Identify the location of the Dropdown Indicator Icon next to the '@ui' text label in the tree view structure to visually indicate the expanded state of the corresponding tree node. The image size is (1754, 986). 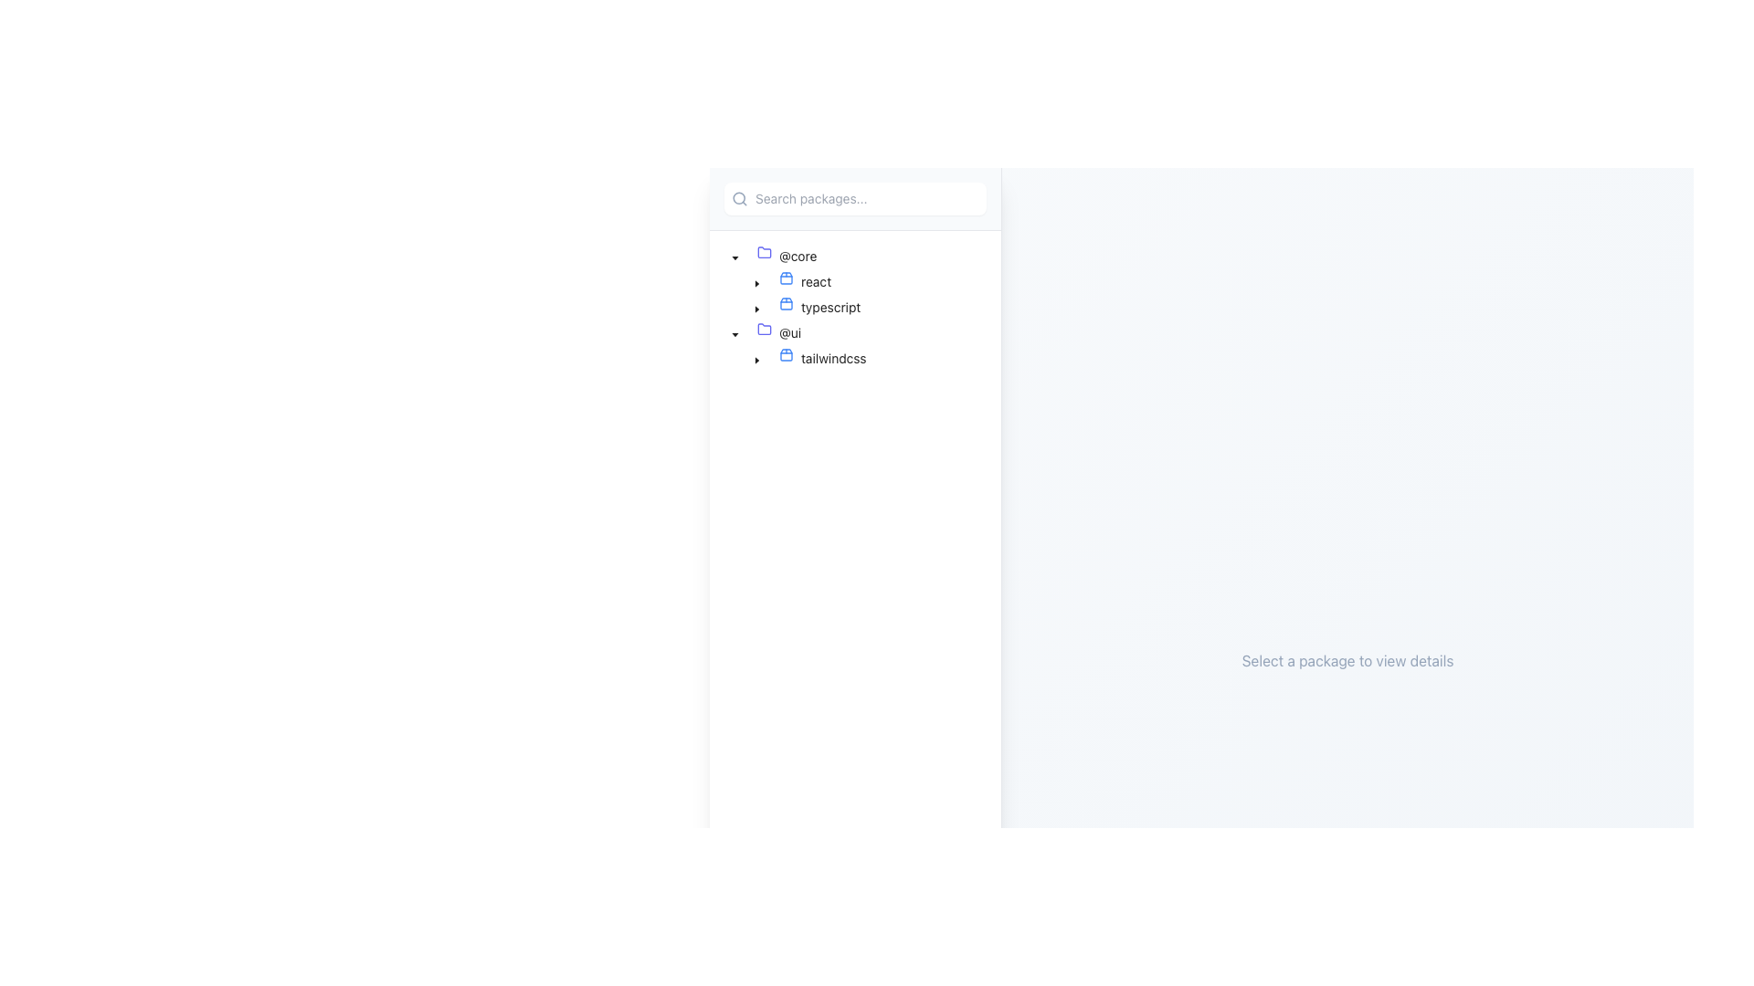
(735, 333).